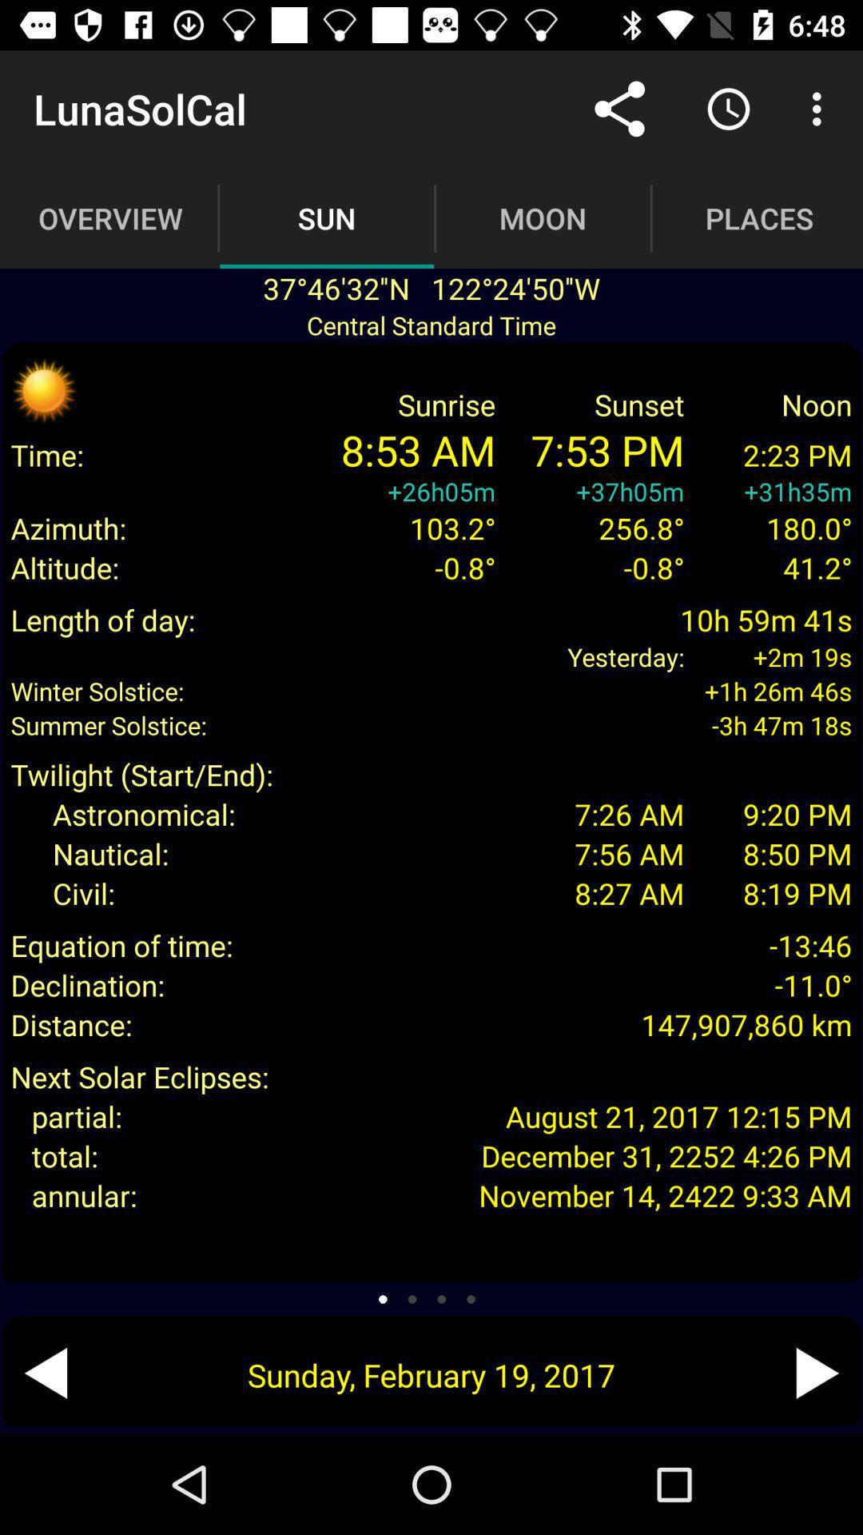 This screenshot has width=863, height=1535. Describe the element at coordinates (45, 1372) in the screenshot. I see `the arrow_backward icon` at that location.